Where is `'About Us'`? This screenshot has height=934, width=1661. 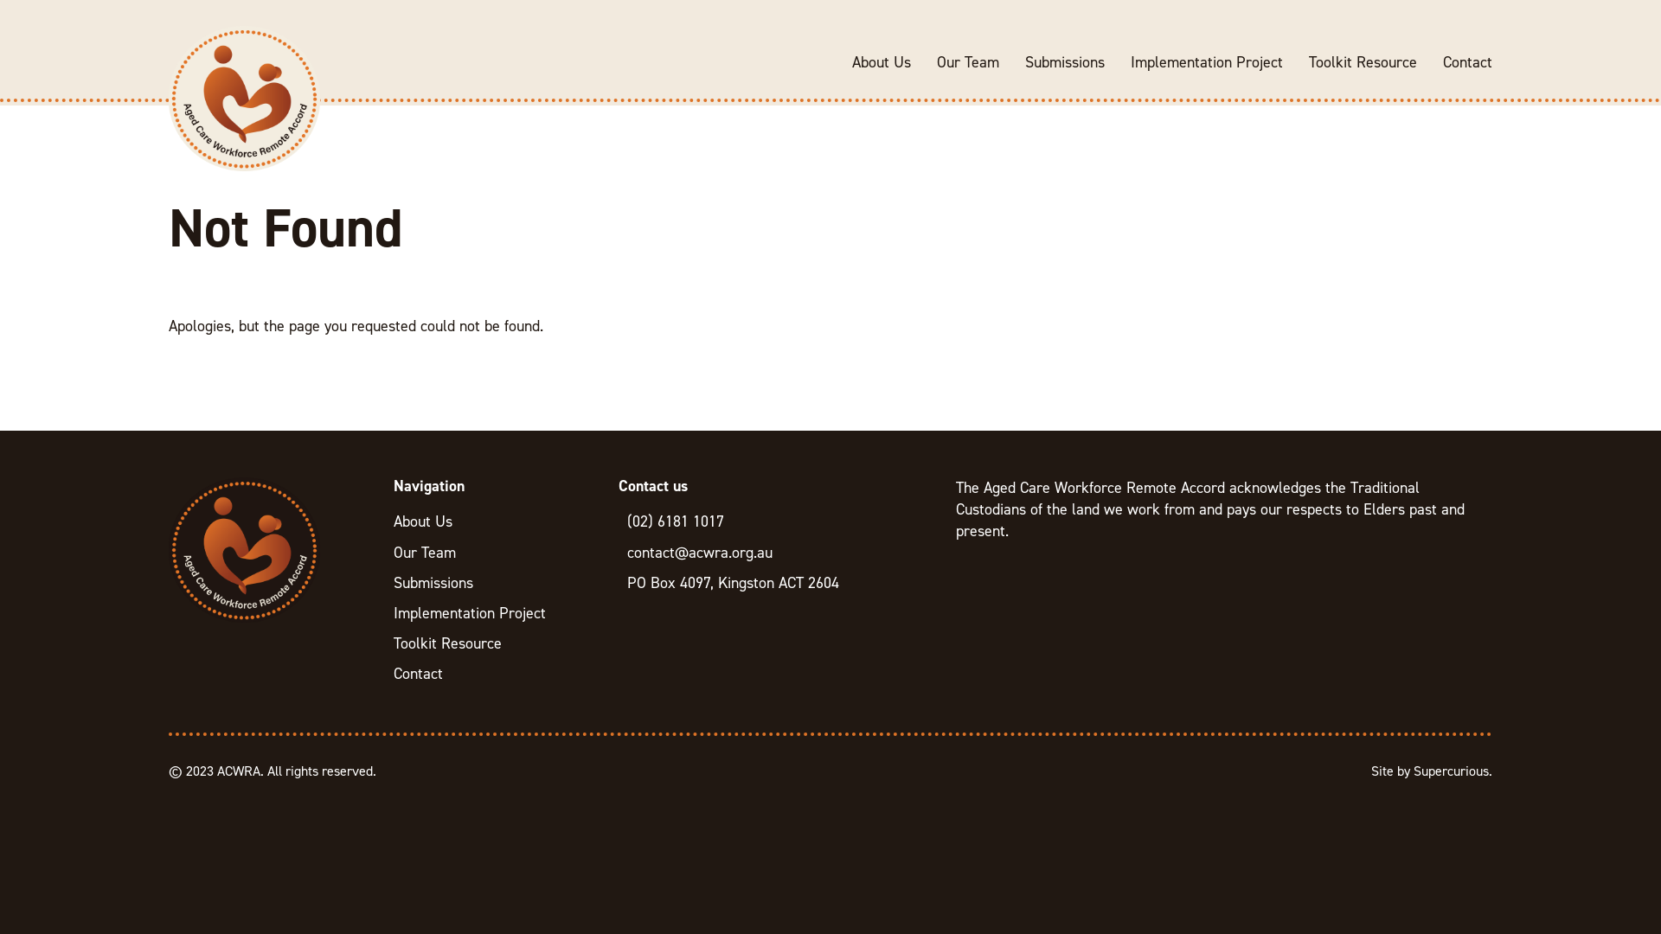 'About Us' is located at coordinates (881, 61).